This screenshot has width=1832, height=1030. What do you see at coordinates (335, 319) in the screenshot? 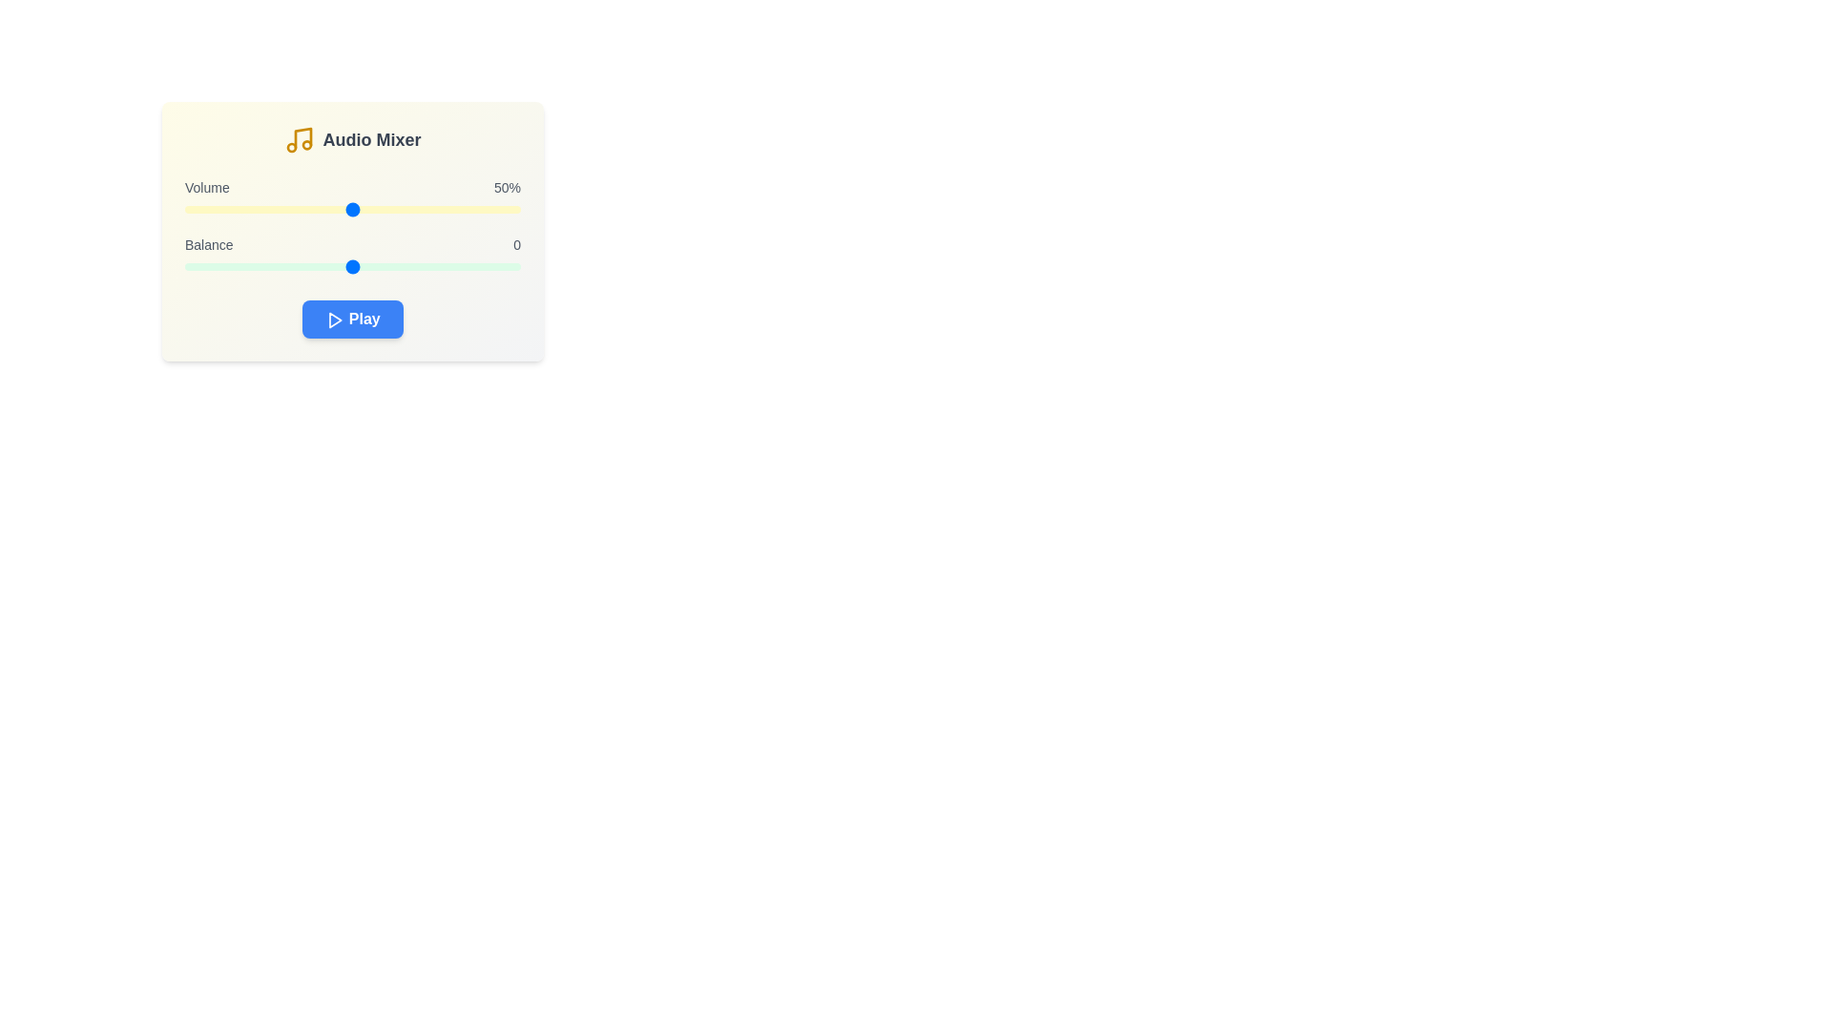
I see `the play icon, which is a right-facing triangle within a blue button labeled 'Play' at the bottom of the 'Audio Mixer' panel` at bounding box center [335, 319].